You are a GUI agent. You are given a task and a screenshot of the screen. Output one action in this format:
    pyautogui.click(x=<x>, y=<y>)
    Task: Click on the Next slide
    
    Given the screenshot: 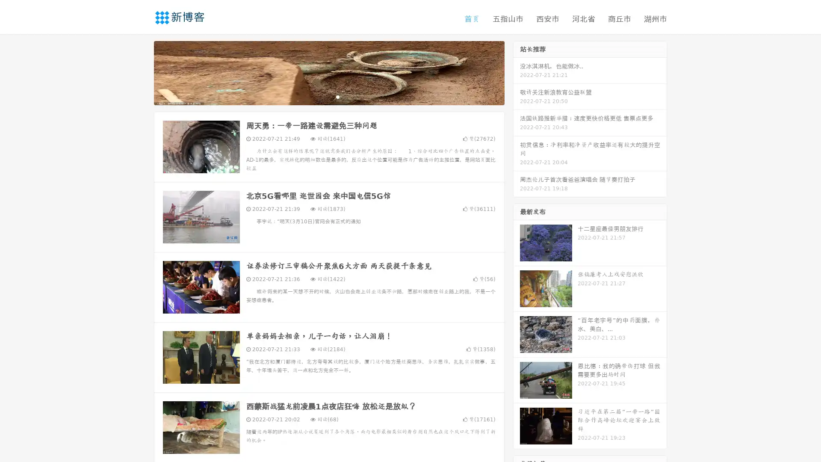 What is the action you would take?
    pyautogui.click(x=517, y=72)
    